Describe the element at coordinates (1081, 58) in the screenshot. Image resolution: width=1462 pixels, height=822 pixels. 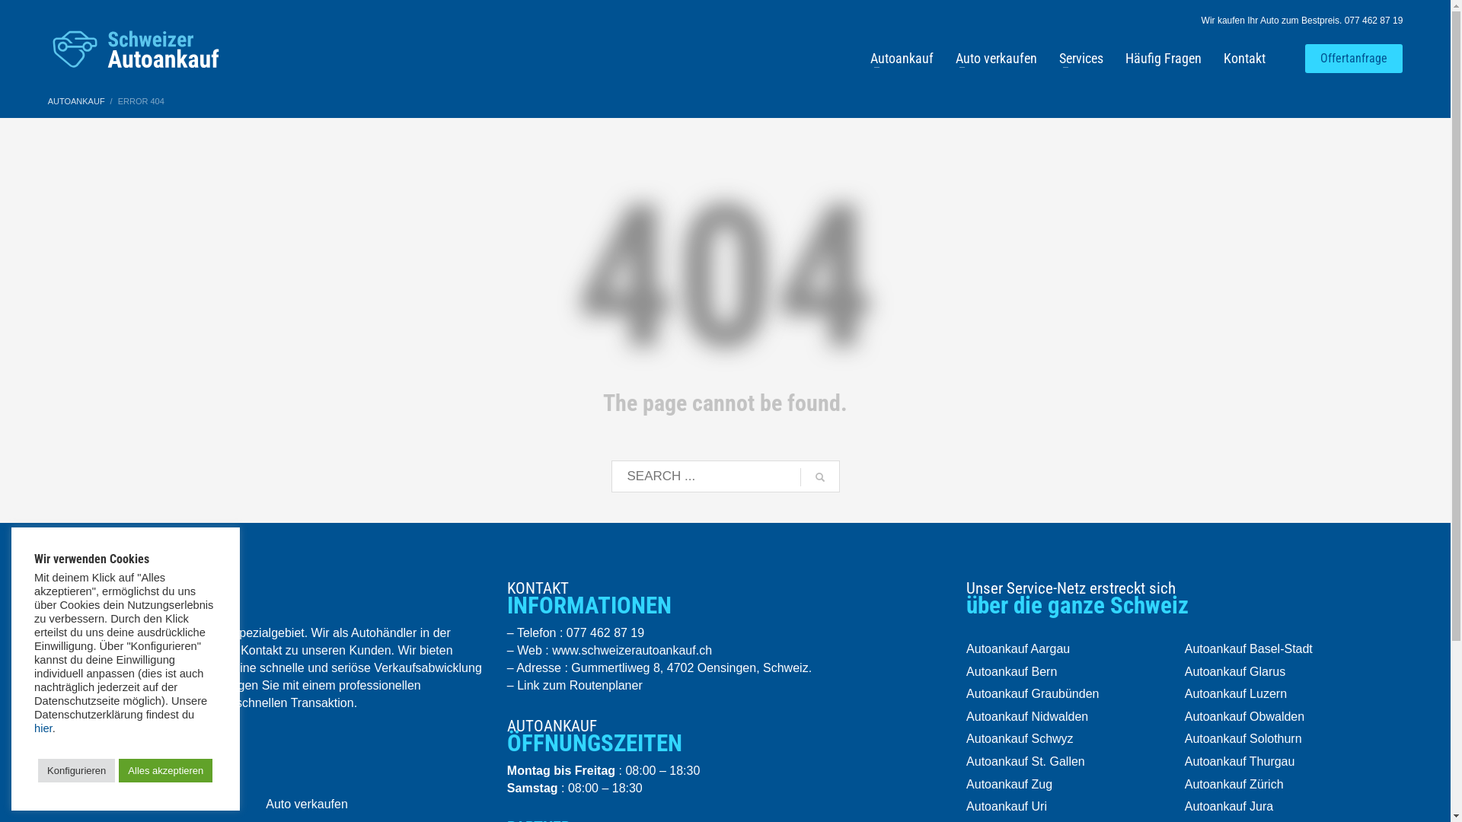
I see `'Services'` at that location.